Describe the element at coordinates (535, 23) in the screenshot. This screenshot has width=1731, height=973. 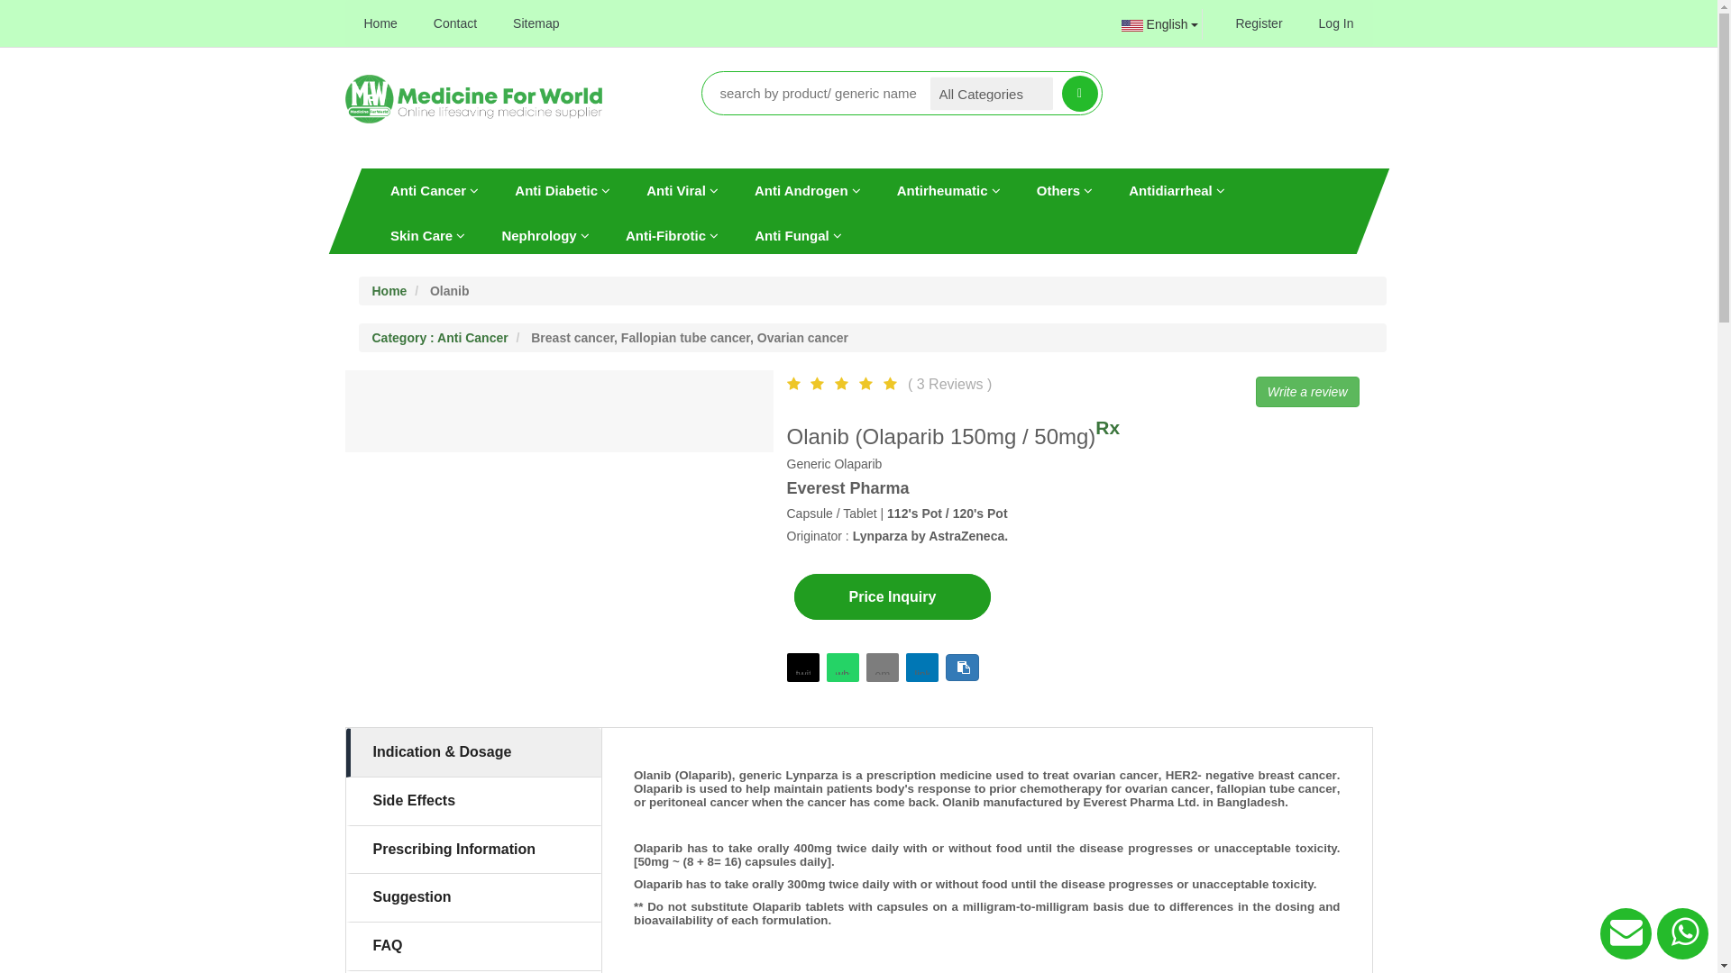
I see `'Sitemap'` at that location.